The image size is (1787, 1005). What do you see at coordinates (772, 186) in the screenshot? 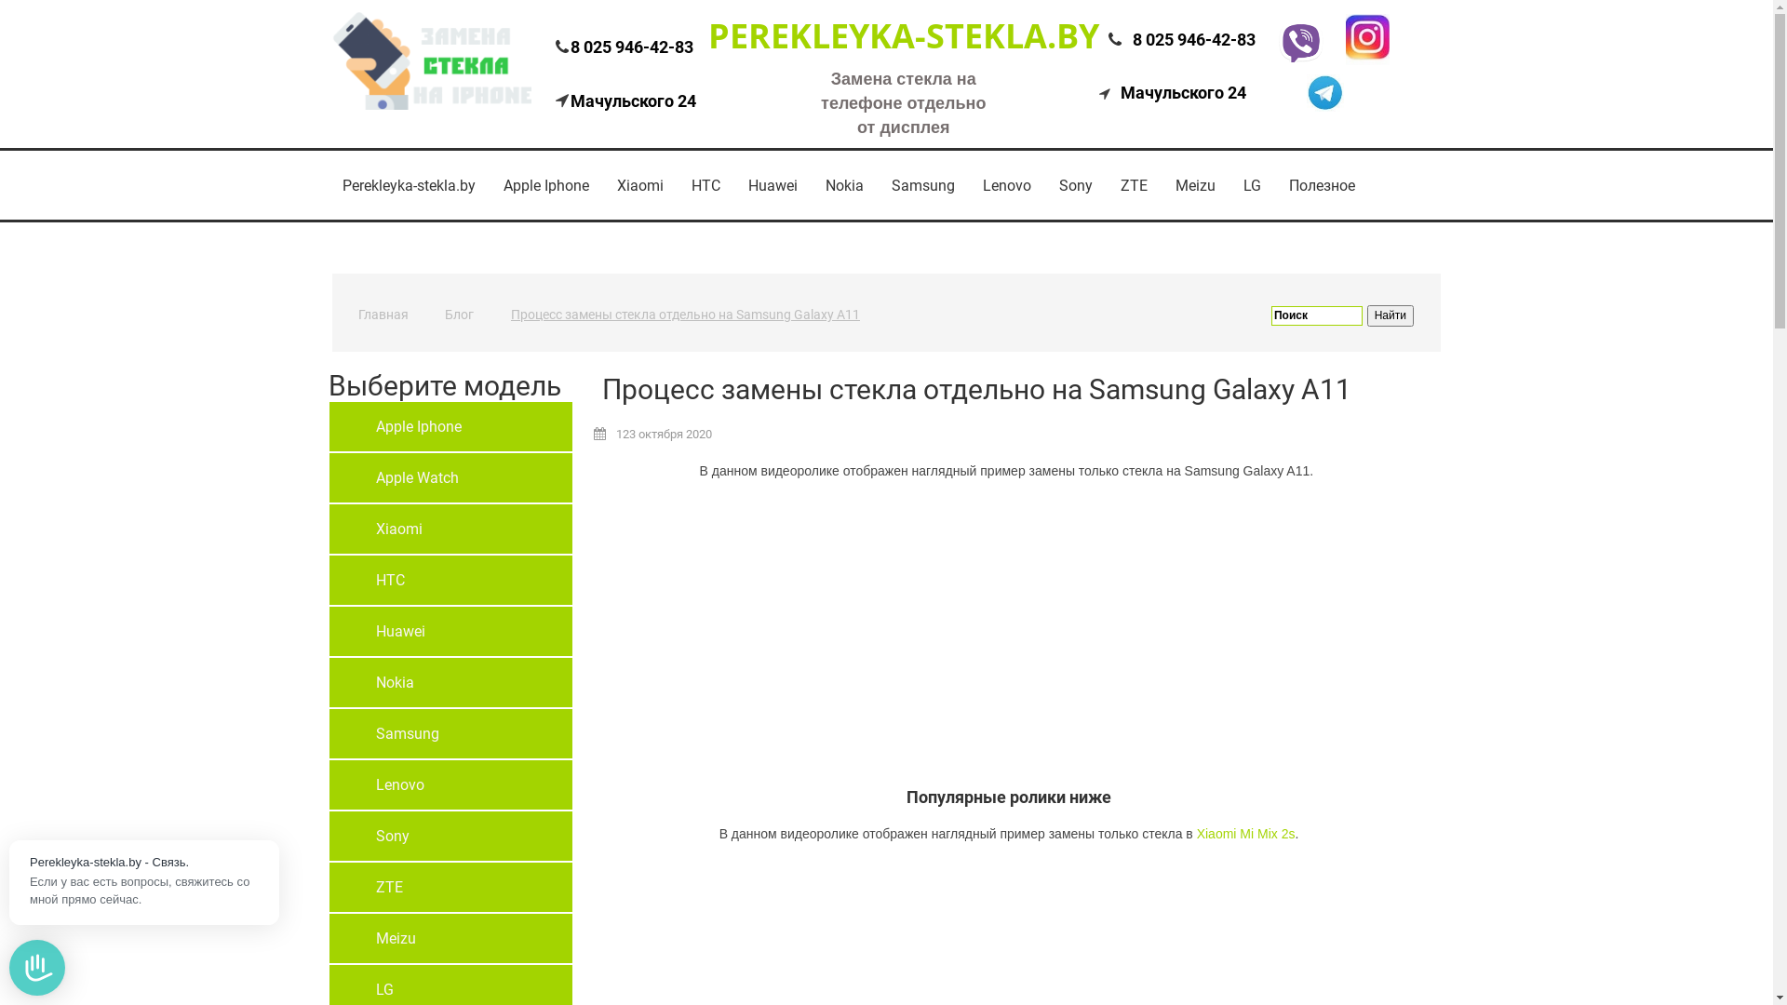
I see `'Huawei'` at bounding box center [772, 186].